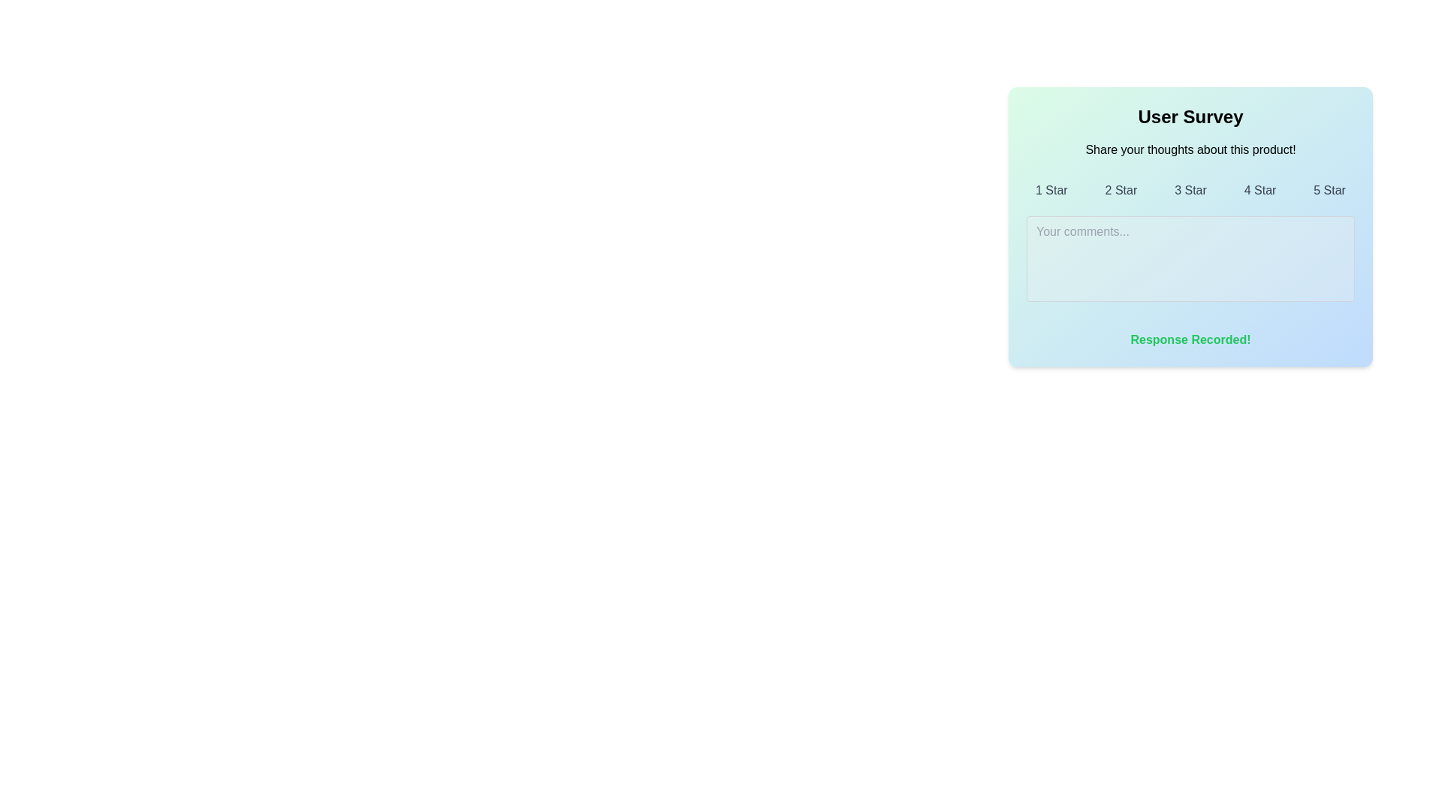 The image size is (1442, 811). Describe the element at coordinates (1190, 190) in the screenshot. I see `the '3 Star' button, which is a rounded button with gray text, positioned centrally in a survey form between '2 Star' and '4 Star' buttons` at that location.